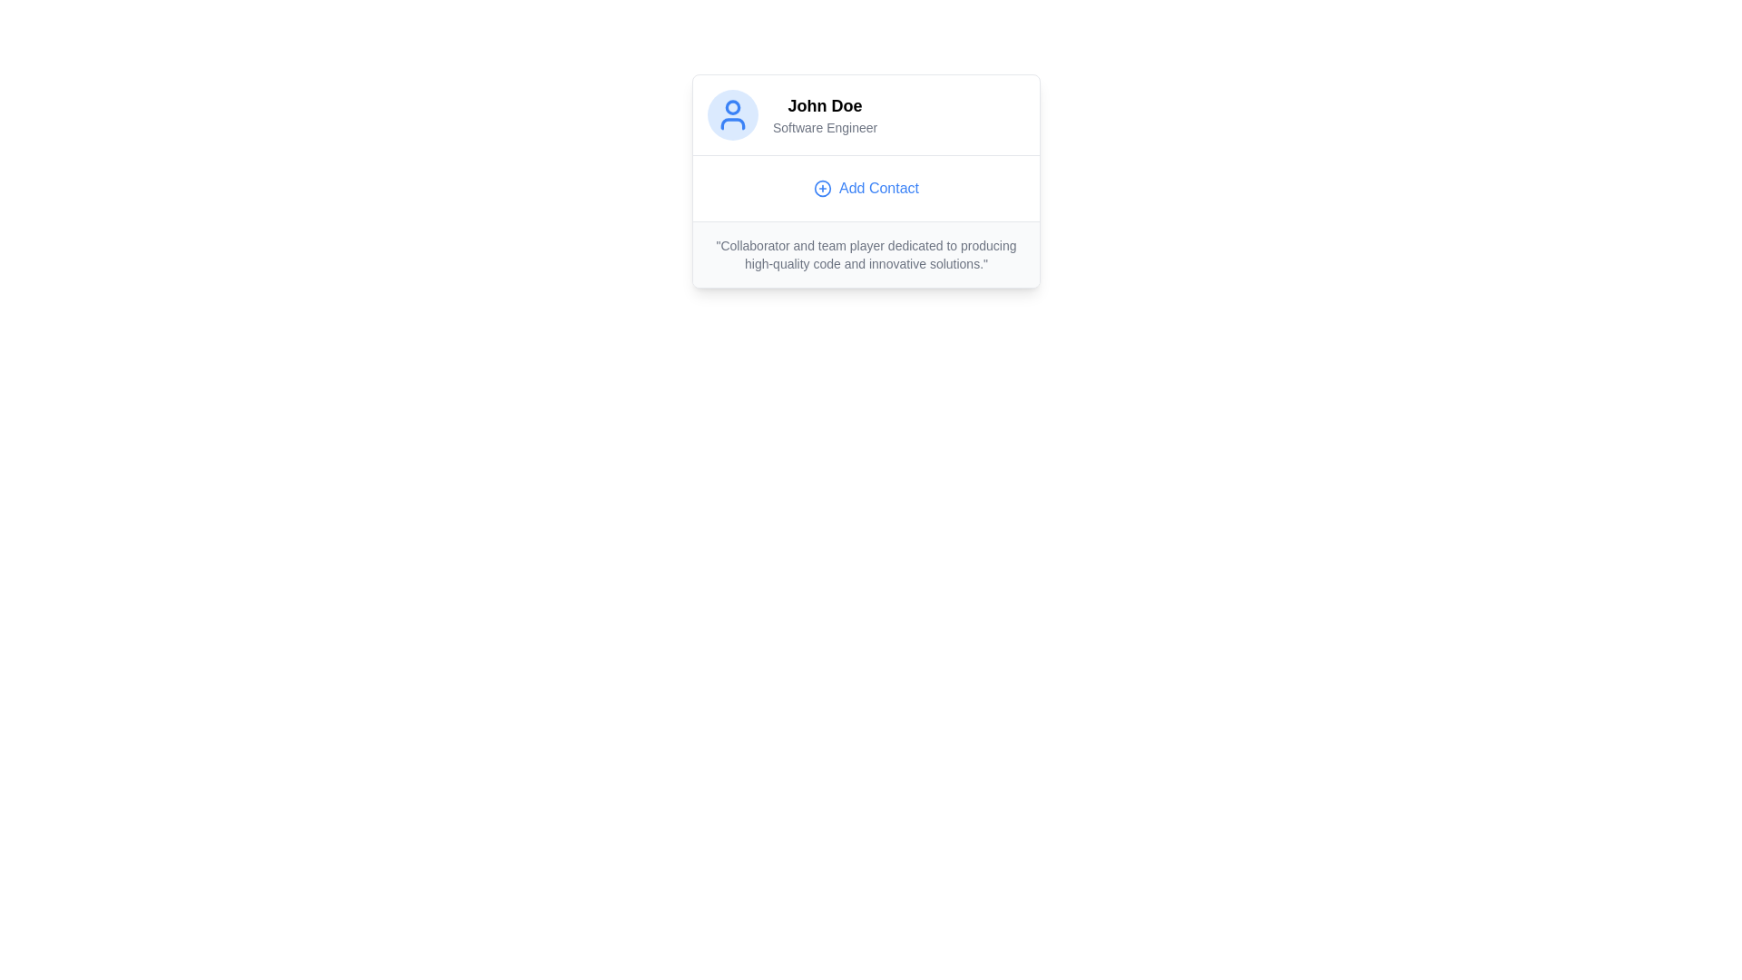 Image resolution: width=1742 pixels, height=980 pixels. I want to click on the blue circular outline inside the avatar icon in the upper left section of the user profile card, so click(732, 107).